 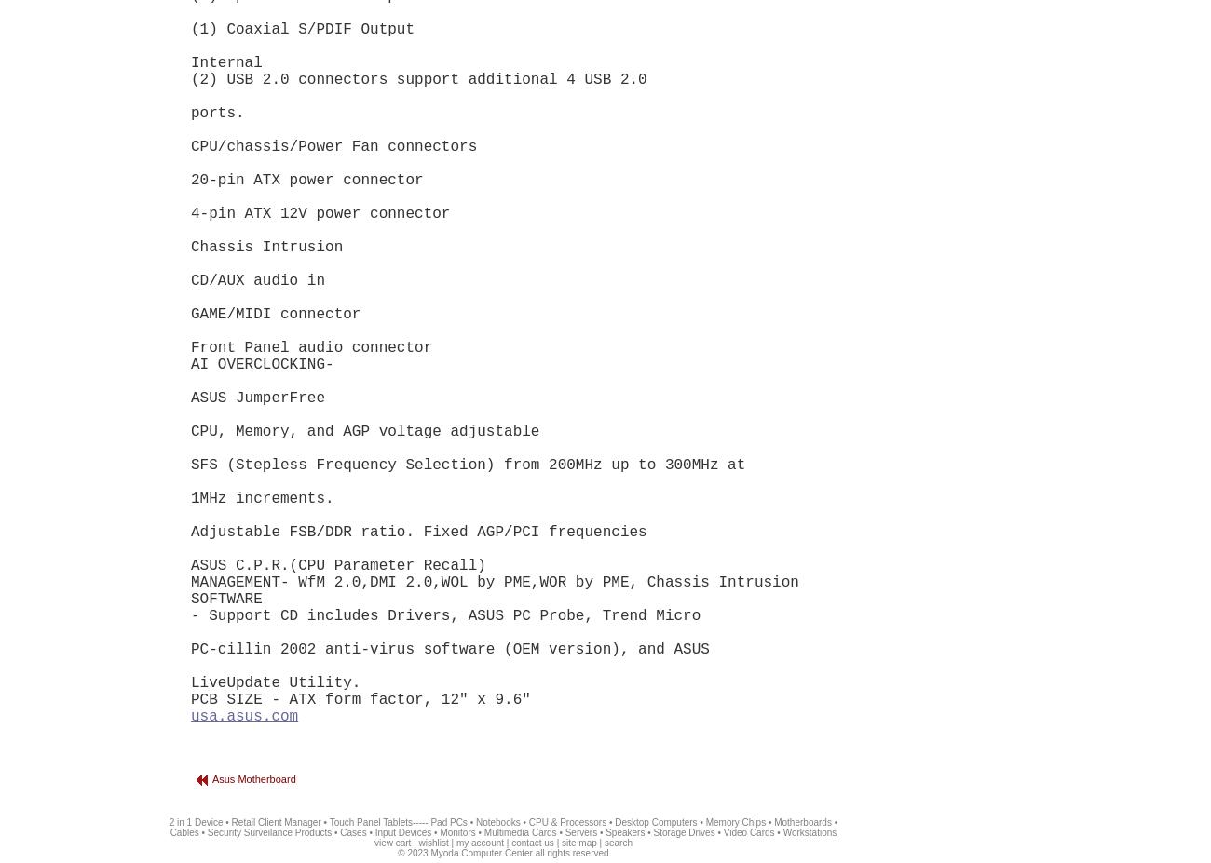 What do you see at coordinates (565, 832) in the screenshot?
I see `'Servers'` at bounding box center [565, 832].